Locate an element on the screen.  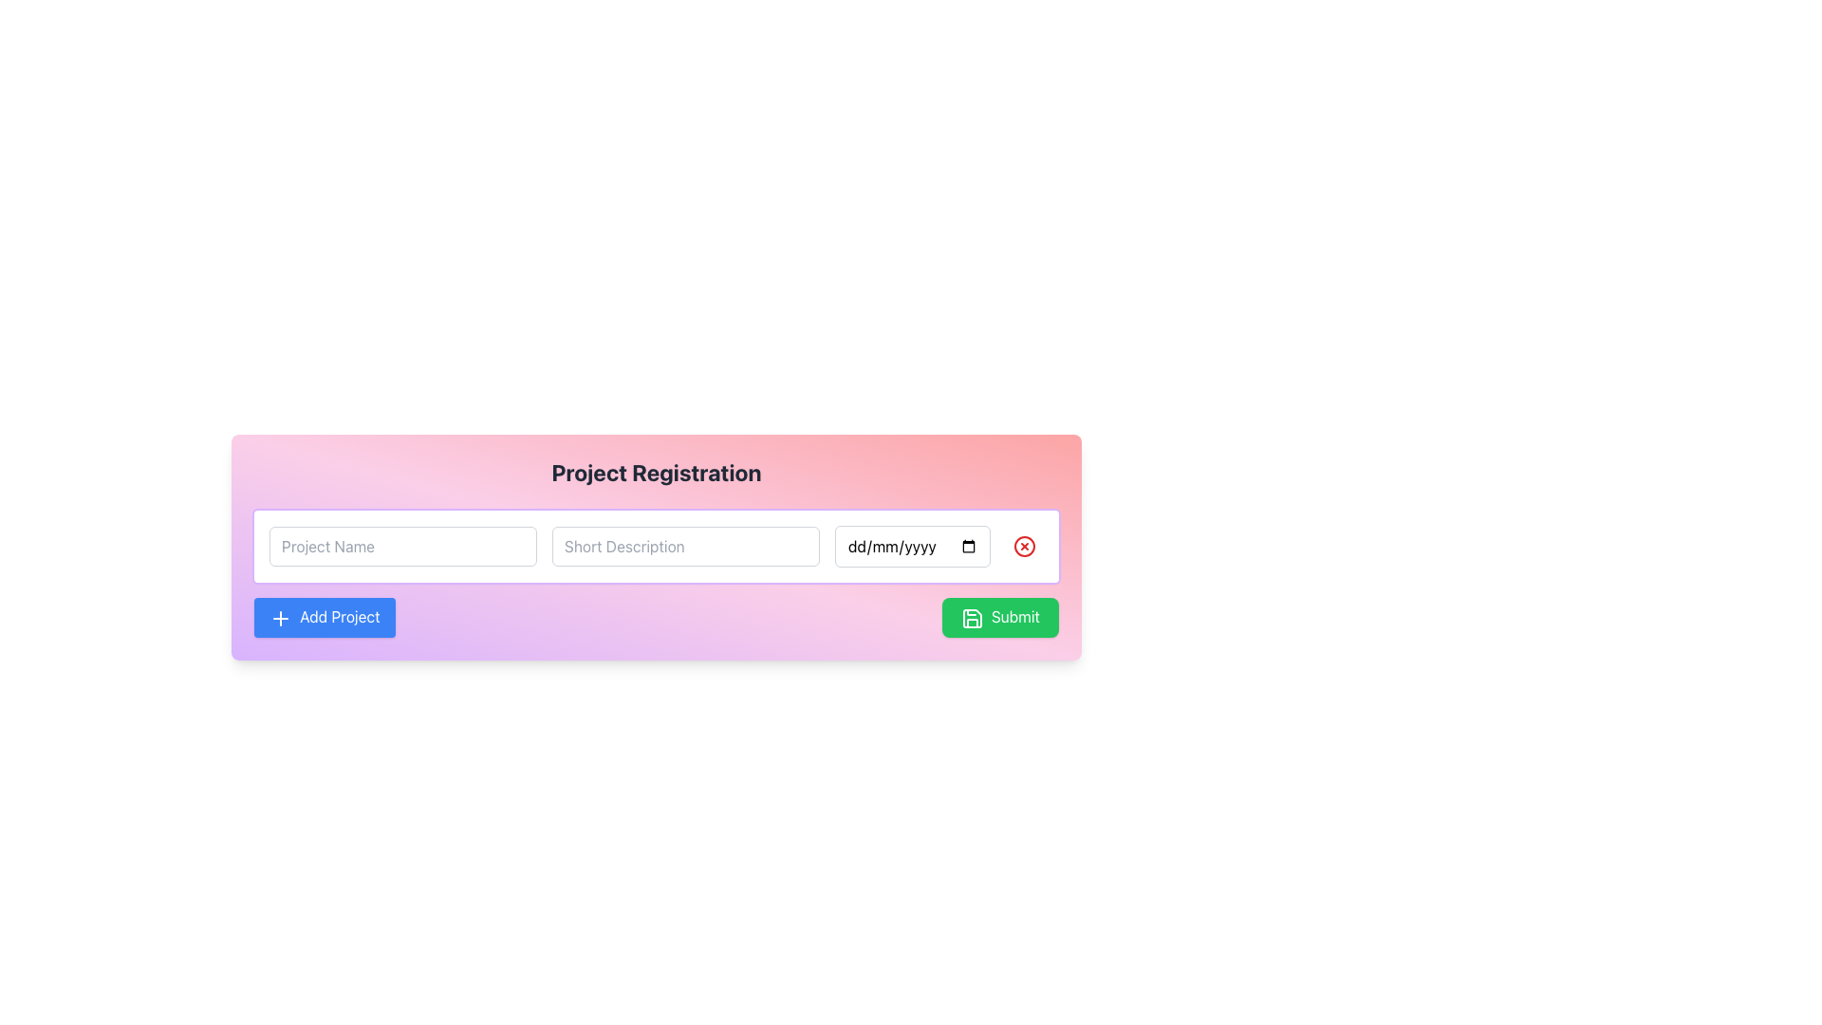
the clear button located to the right of the date input field is located at coordinates (1024, 546).